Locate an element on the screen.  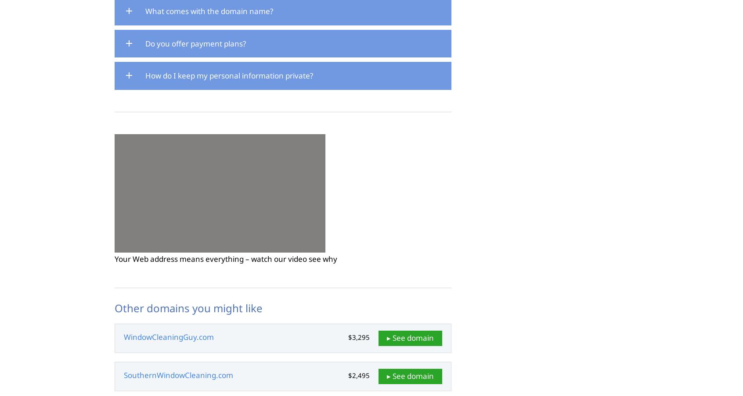
'WindowCleaningGuy.com' is located at coordinates (169, 337).